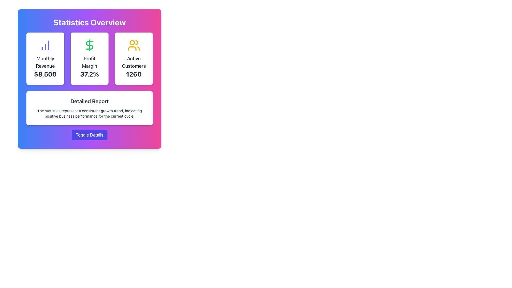 This screenshot has height=288, width=512. Describe the element at coordinates (45, 58) in the screenshot. I see `the Information Card displaying the monthly revenue data, located first in the 'Statistics Overview' section` at that location.